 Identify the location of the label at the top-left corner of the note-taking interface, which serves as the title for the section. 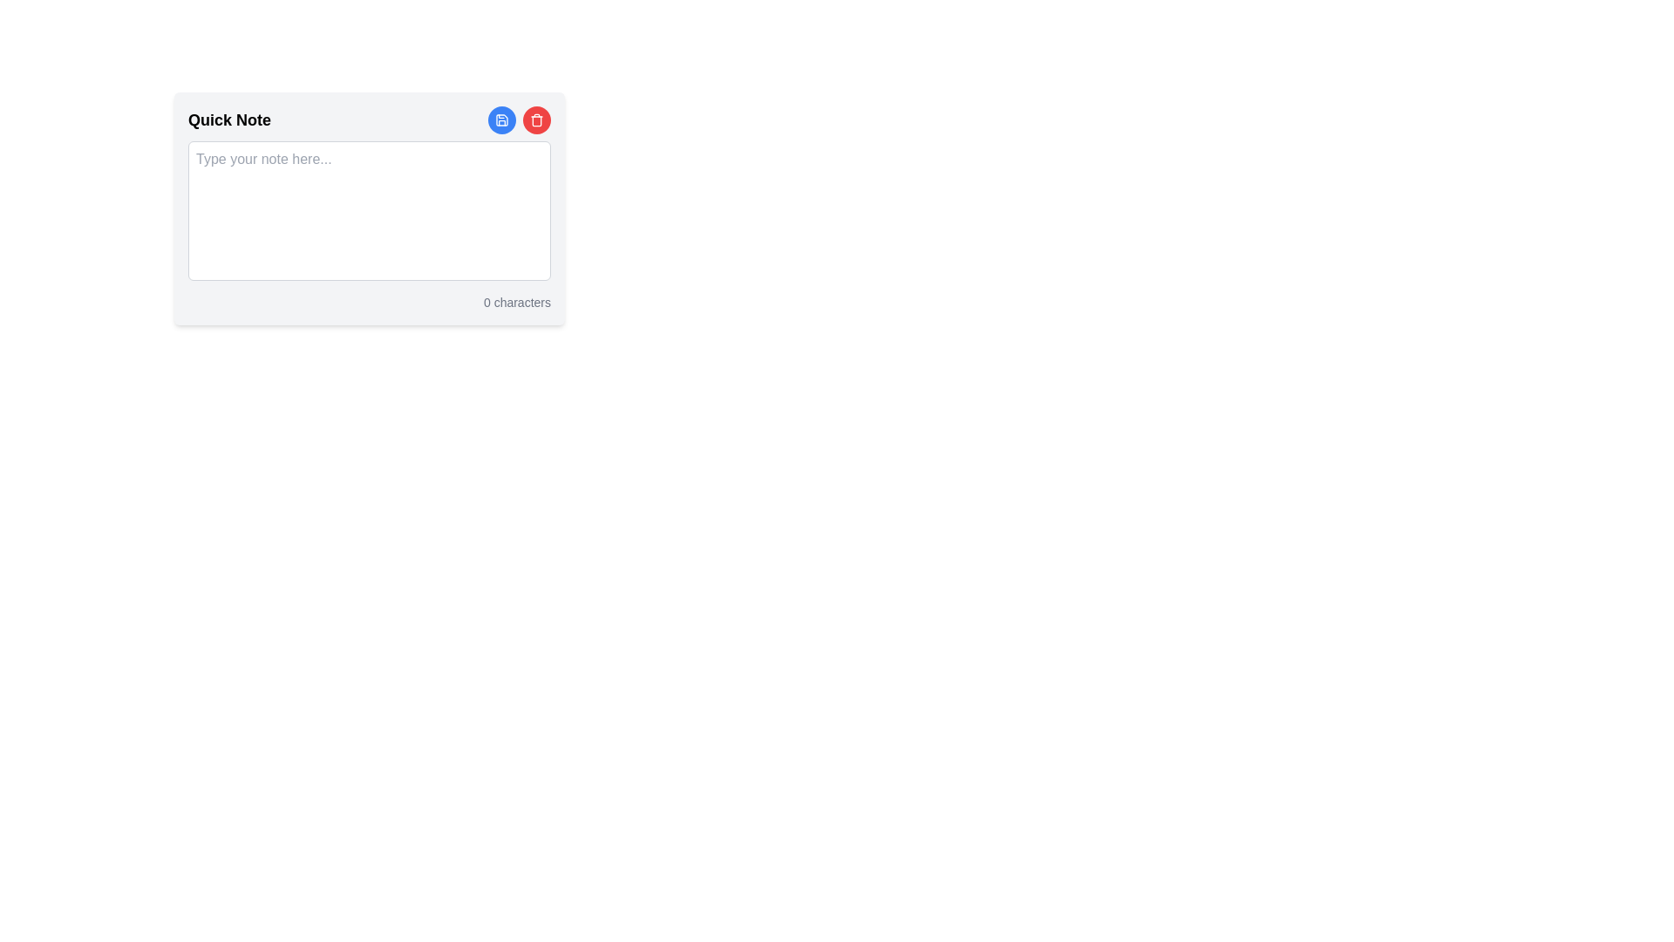
(228, 119).